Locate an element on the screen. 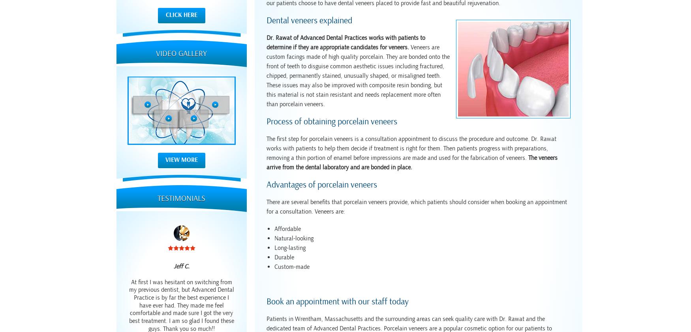  'Advantages of porcelain veneers' is located at coordinates (321, 185).